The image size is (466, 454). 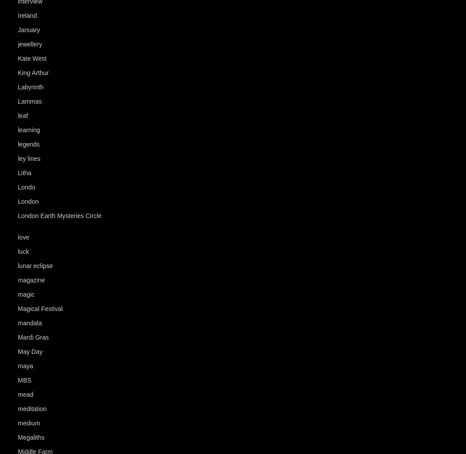 I want to click on 'May Day', so click(x=30, y=351).